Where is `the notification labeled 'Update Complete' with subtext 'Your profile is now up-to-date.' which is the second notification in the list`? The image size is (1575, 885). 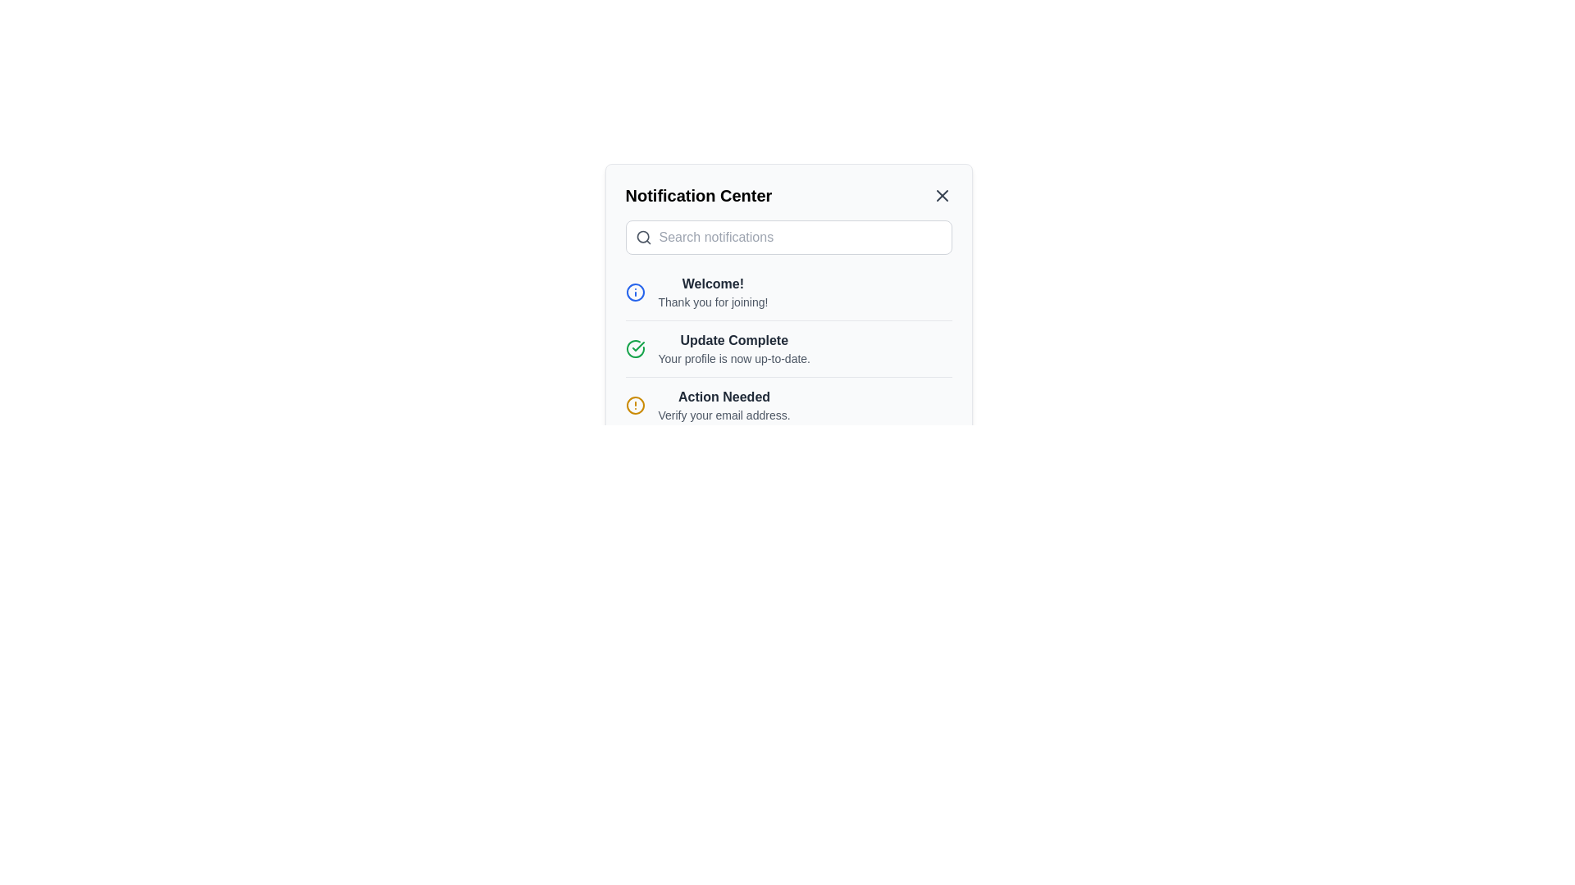 the notification labeled 'Update Complete' with subtext 'Your profile is now up-to-date.' which is the second notification in the list is located at coordinates (788, 377).